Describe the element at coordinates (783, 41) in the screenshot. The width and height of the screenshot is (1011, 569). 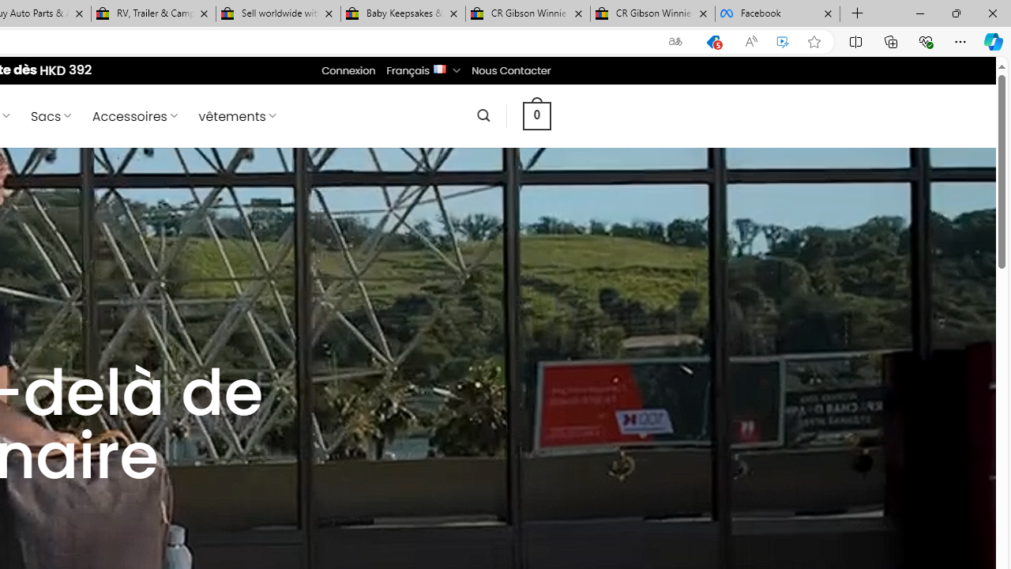
I see `'Enhance video'` at that location.